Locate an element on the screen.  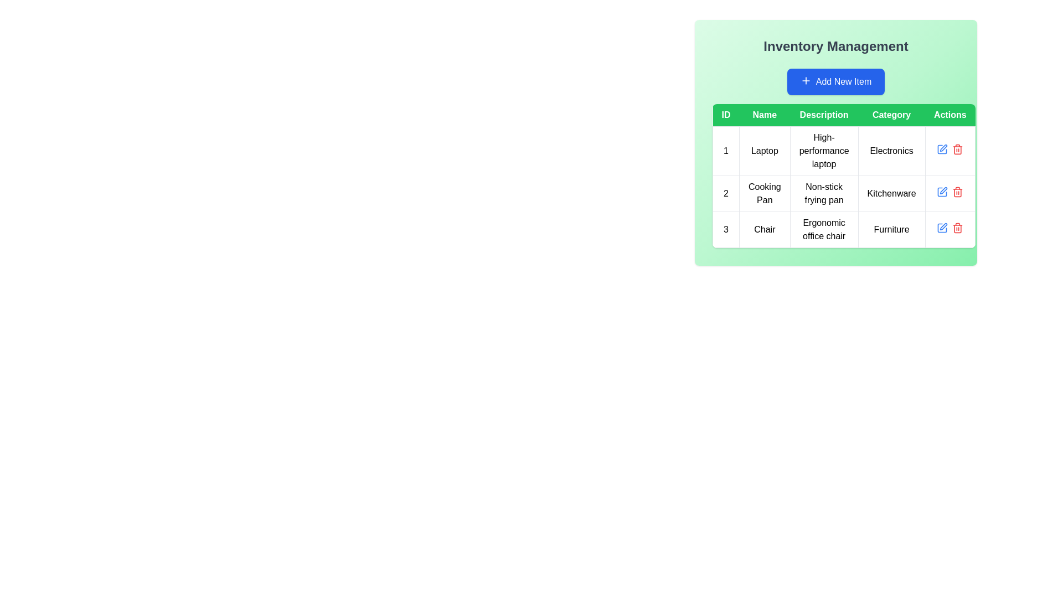
the delete icon button in the 'Actions' column of the second row is located at coordinates (957, 191).